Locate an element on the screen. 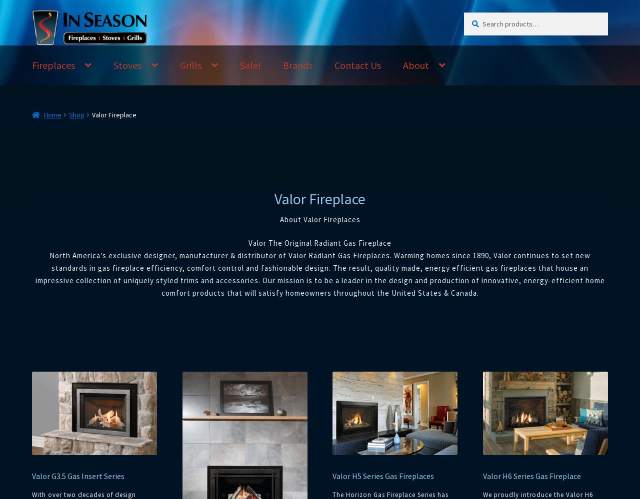  'Sale!' is located at coordinates (240, 65).